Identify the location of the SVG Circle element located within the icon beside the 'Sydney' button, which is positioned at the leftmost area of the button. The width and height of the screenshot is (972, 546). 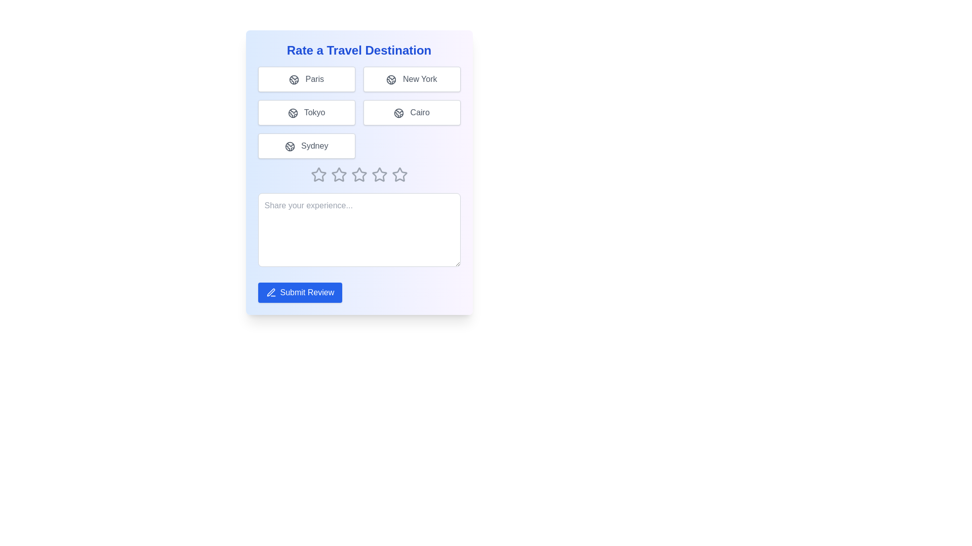
(289, 146).